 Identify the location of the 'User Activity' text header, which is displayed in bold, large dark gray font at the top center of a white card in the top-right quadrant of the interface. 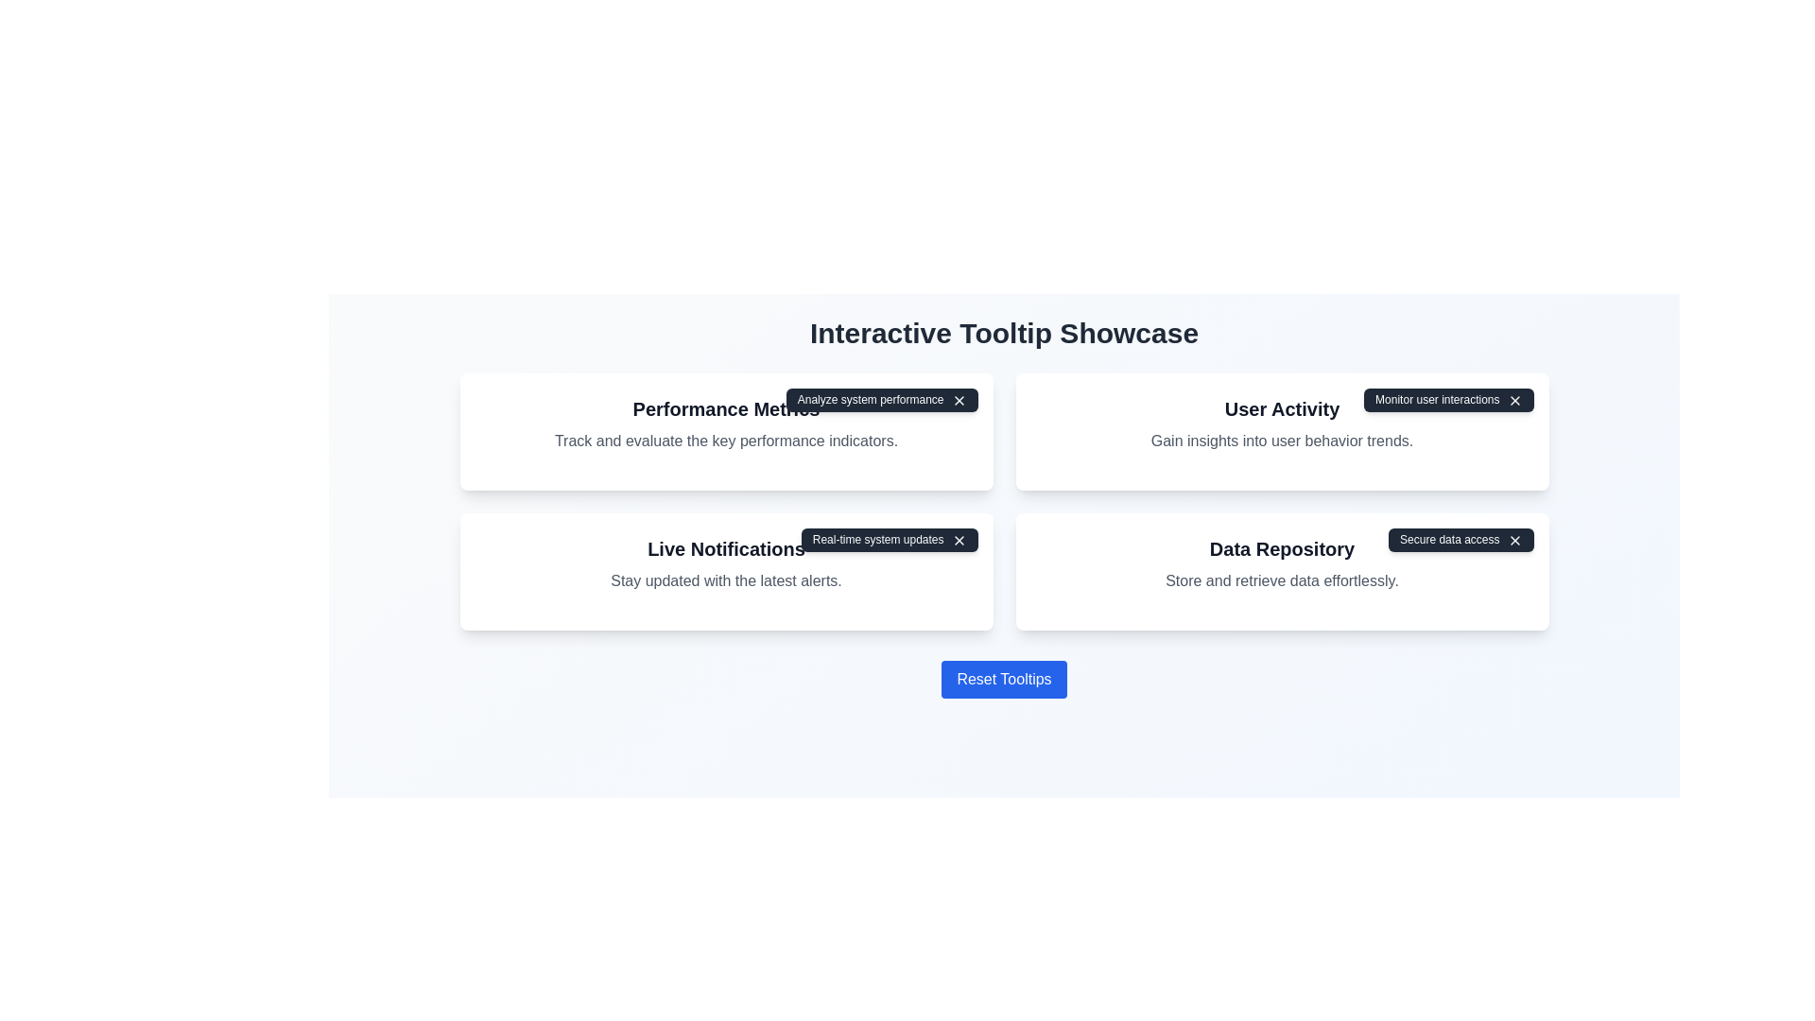
(1282, 407).